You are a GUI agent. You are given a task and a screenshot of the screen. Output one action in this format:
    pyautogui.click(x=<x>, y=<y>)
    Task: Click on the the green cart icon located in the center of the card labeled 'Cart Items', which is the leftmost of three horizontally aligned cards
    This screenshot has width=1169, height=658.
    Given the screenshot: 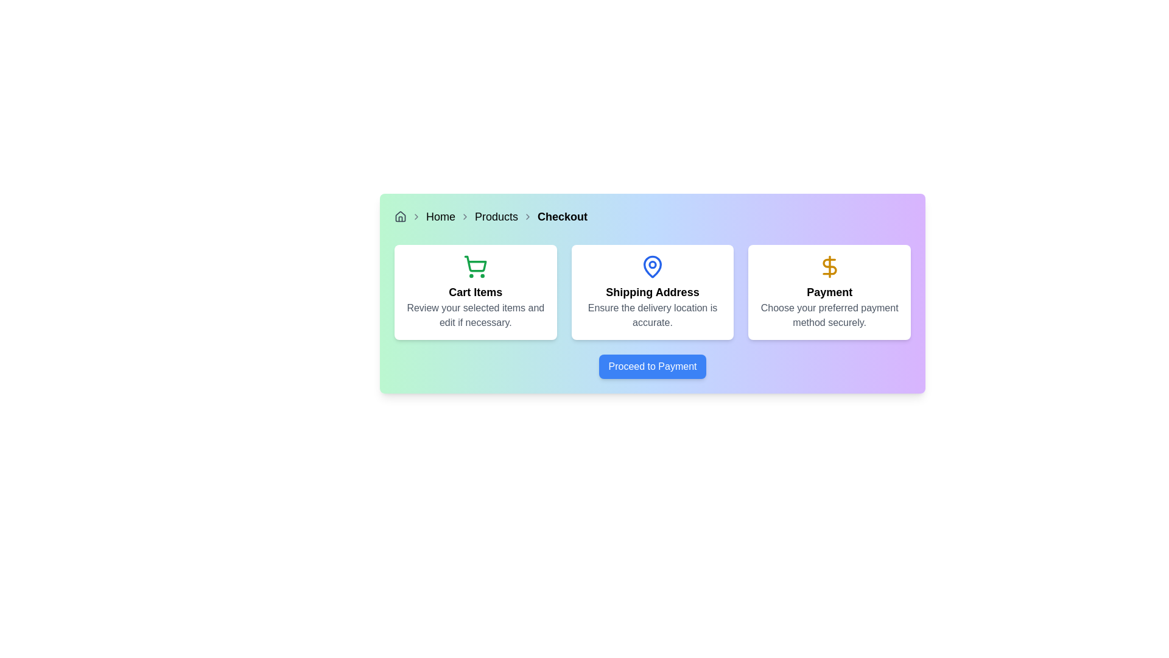 What is the action you would take?
    pyautogui.click(x=475, y=266)
    